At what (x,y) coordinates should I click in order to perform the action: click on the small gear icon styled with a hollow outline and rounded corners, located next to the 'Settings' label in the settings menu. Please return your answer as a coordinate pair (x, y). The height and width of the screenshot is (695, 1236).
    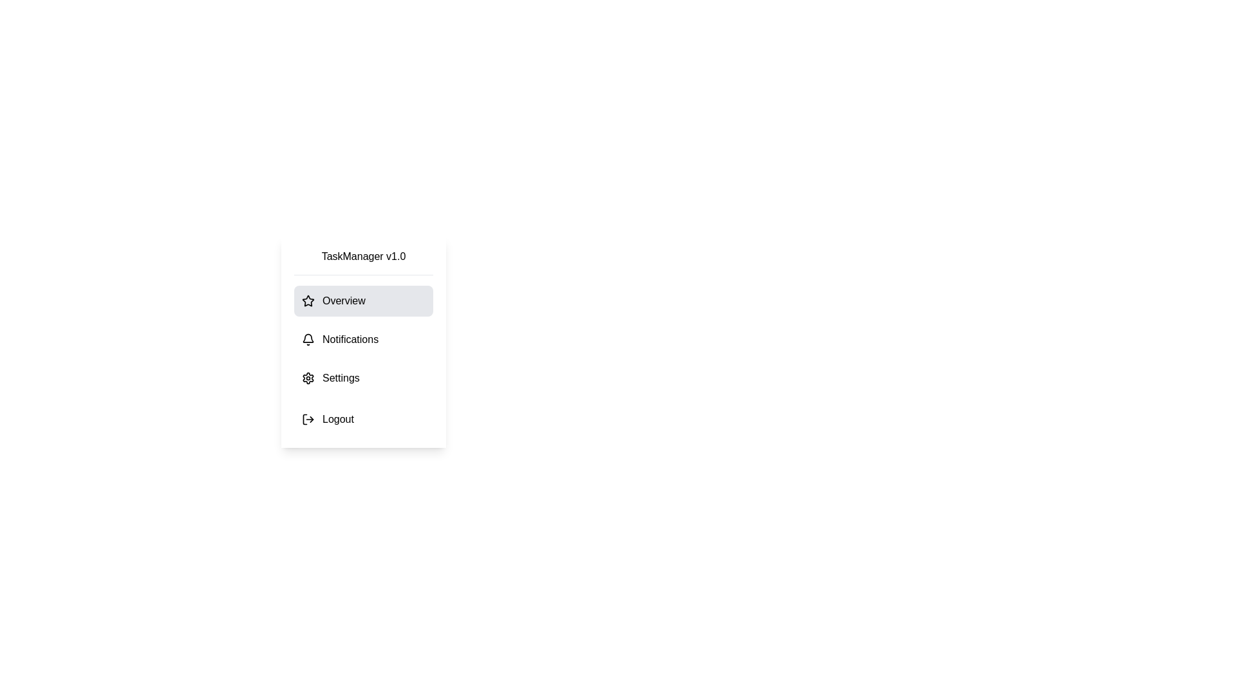
    Looking at the image, I should click on (308, 377).